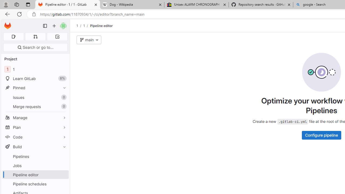  Describe the element at coordinates (132, 5) in the screenshot. I see `'Dog - Wikipedia'` at that location.